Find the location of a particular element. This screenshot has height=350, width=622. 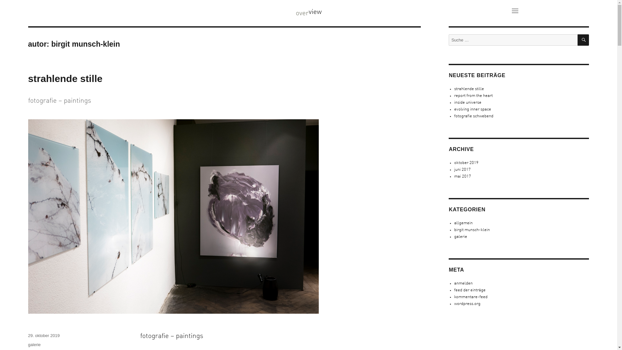

'strahlende stille' is located at coordinates (469, 89).